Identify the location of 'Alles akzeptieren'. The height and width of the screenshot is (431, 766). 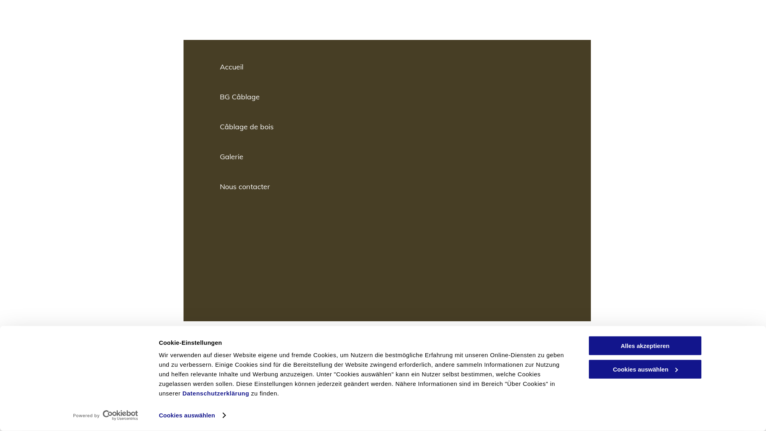
(645, 345).